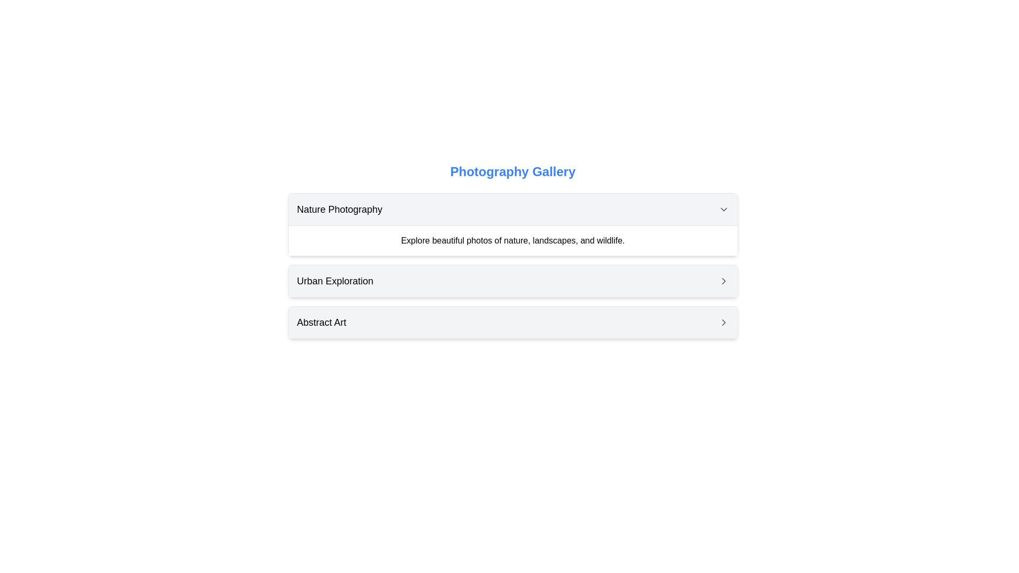 The width and height of the screenshot is (1019, 573). What do you see at coordinates (513, 224) in the screenshot?
I see `the Descriptive Panel for the category 'Nature Photography', which is located at the top of the vertically stacked layout` at bounding box center [513, 224].